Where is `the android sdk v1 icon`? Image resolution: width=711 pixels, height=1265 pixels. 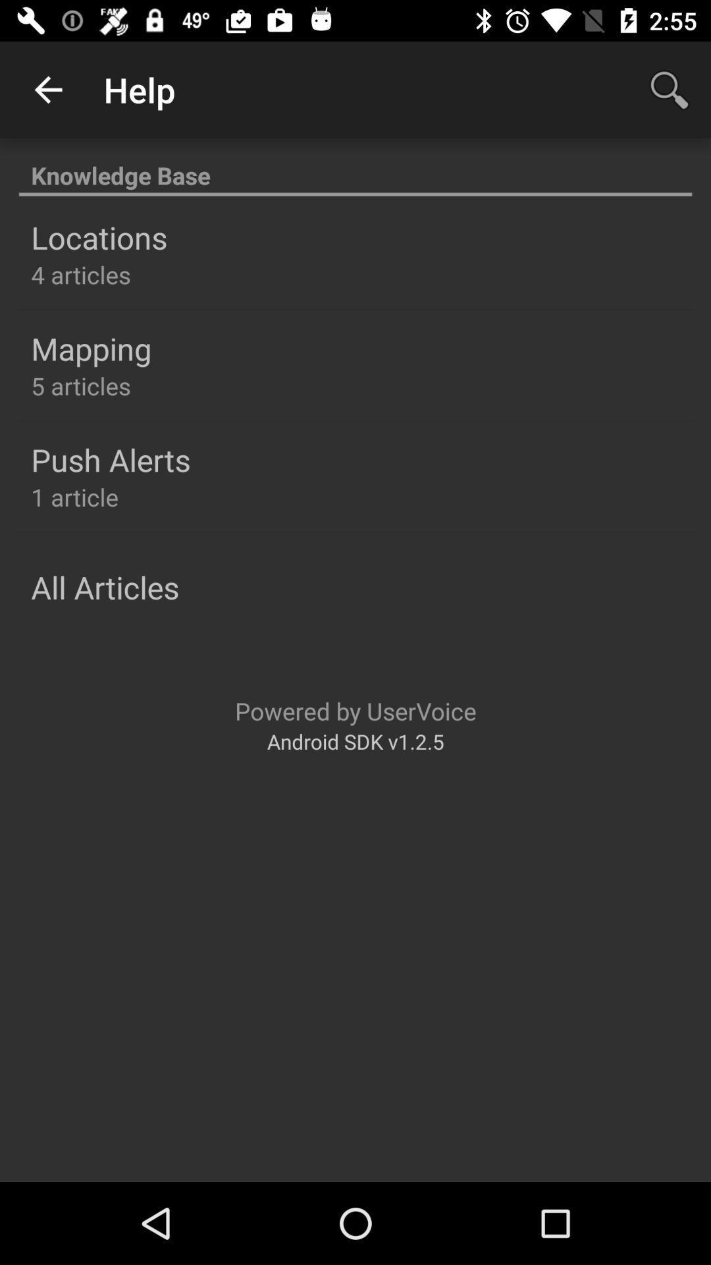 the android sdk v1 icon is located at coordinates (355, 741).